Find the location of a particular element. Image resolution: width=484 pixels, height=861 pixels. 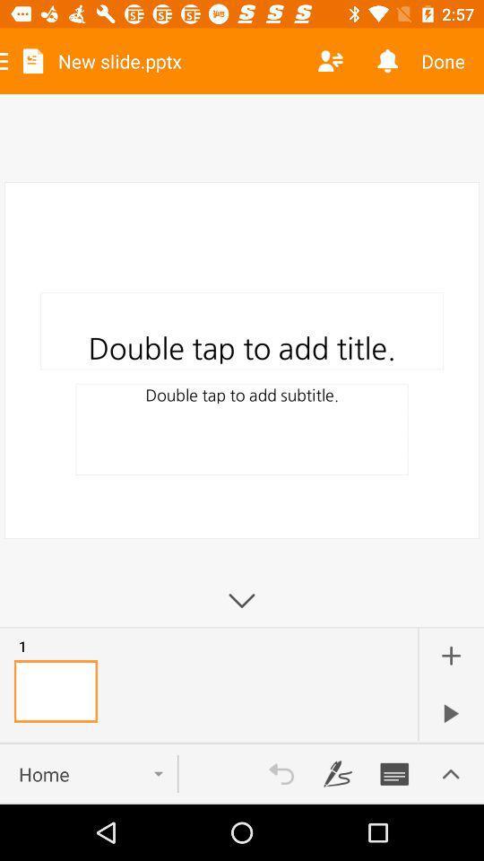

click more details arrow is located at coordinates (450, 773).